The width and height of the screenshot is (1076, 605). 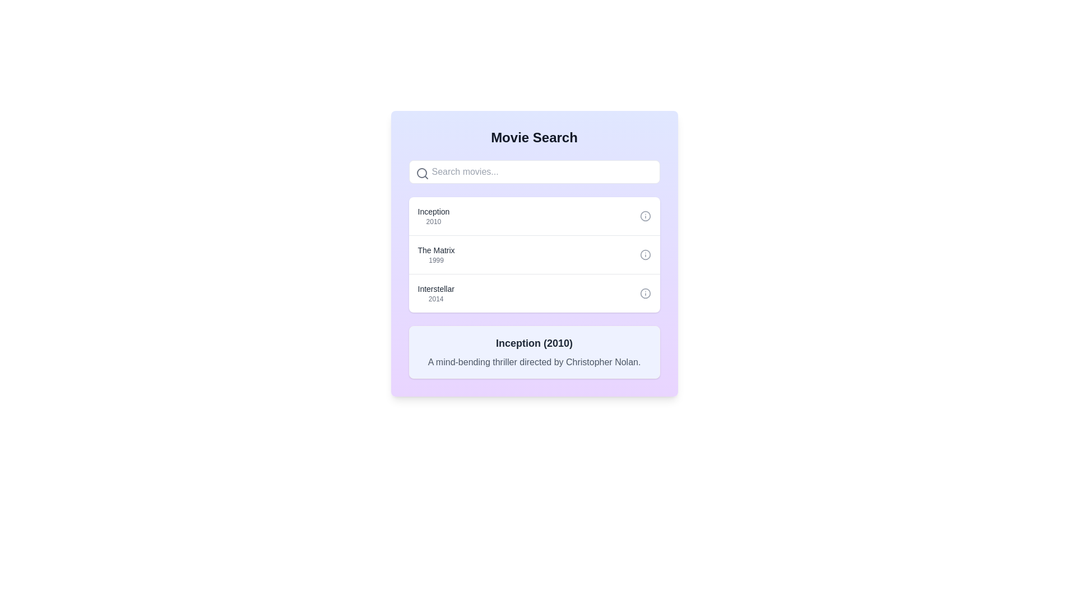 I want to click on the Text label displaying the release year for the movie 'The Matrix', located in the second card of the movie list, beneath the title 'The Matrix', and to the left of an information button, so click(x=435, y=260).